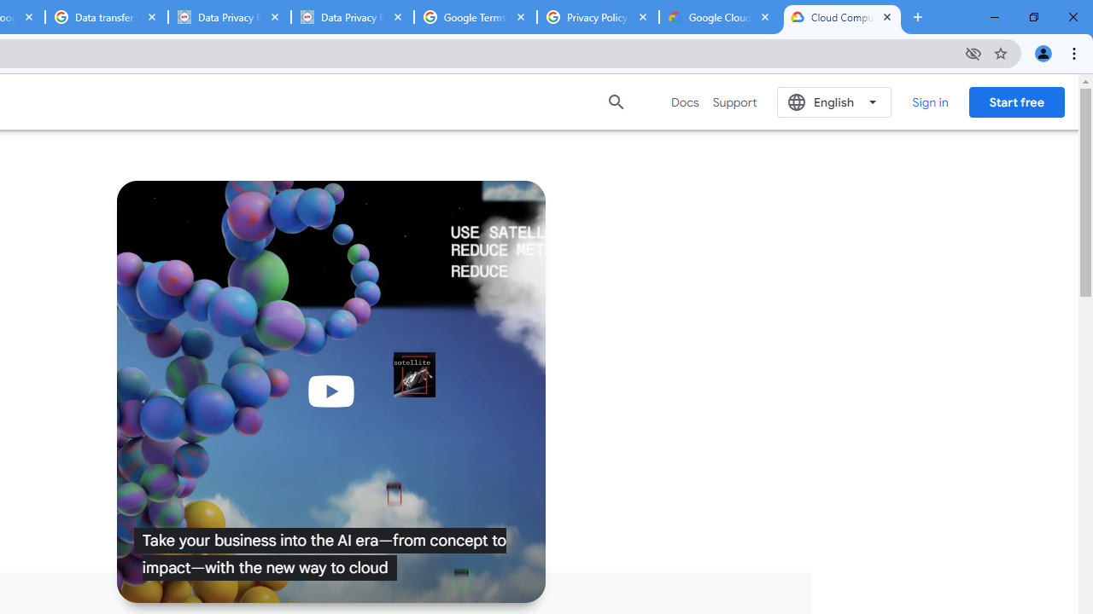 The width and height of the screenshot is (1093, 614). What do you see at coordinates (720, 17) in the screenshot?
I see `'Google Cloud Privacy Notice'` at bounding box center [720, 17].